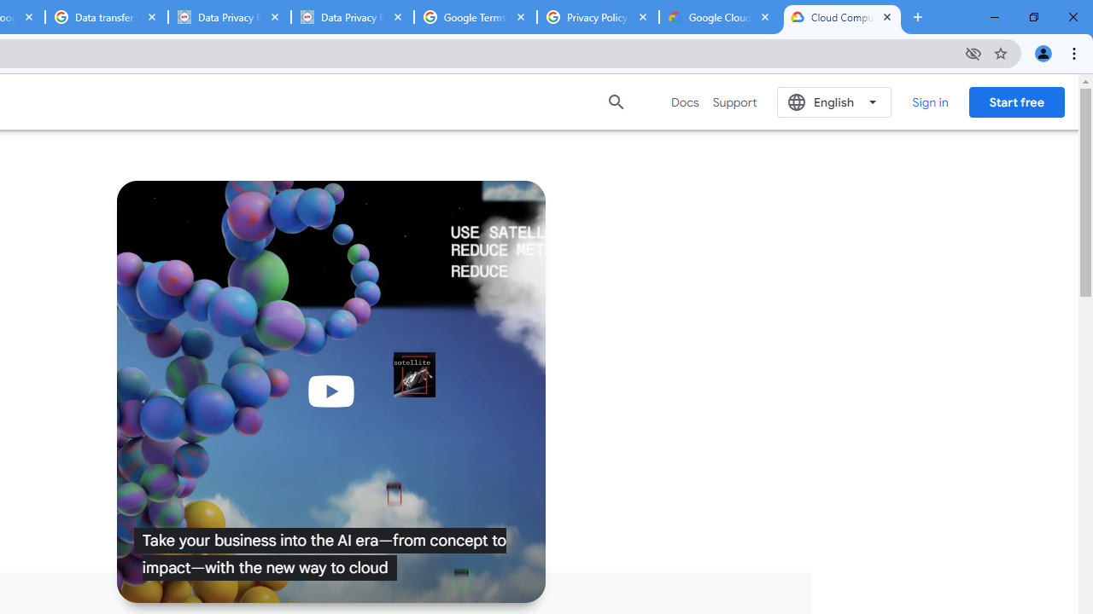 The width and height of the screenshot is (1093, 614). What do you see at coordinates (720, 17) in the screenshot?
I see `'Google Cloud Privacy Notice'` at bounding box center [720, 17].